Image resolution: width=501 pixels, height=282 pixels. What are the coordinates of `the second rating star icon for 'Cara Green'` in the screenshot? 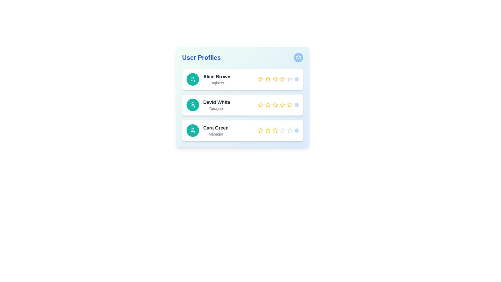 It's located at (268, 130).